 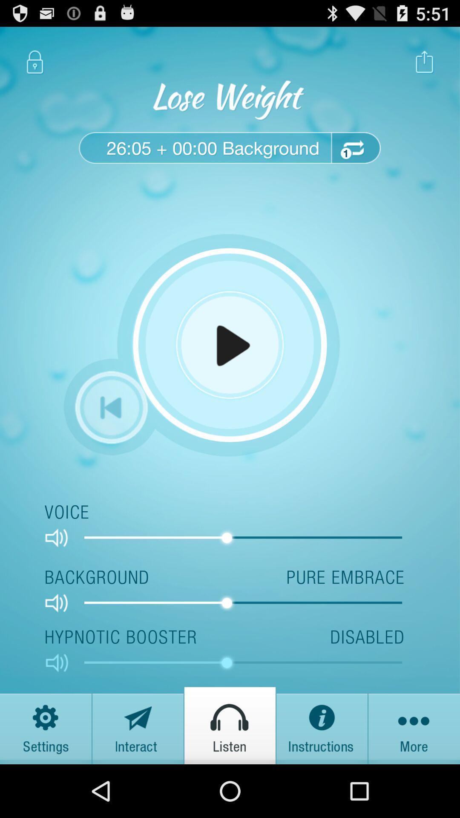 What do you see at coordinates (111, 436) in the screenshot?
I see `the skip_previous icon` at bounding box center [111, 436].